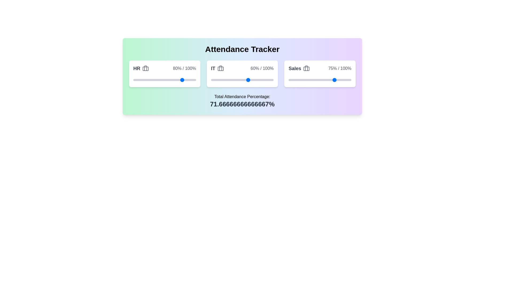  I want to click on the IT attendance slider, so click(220, 80).